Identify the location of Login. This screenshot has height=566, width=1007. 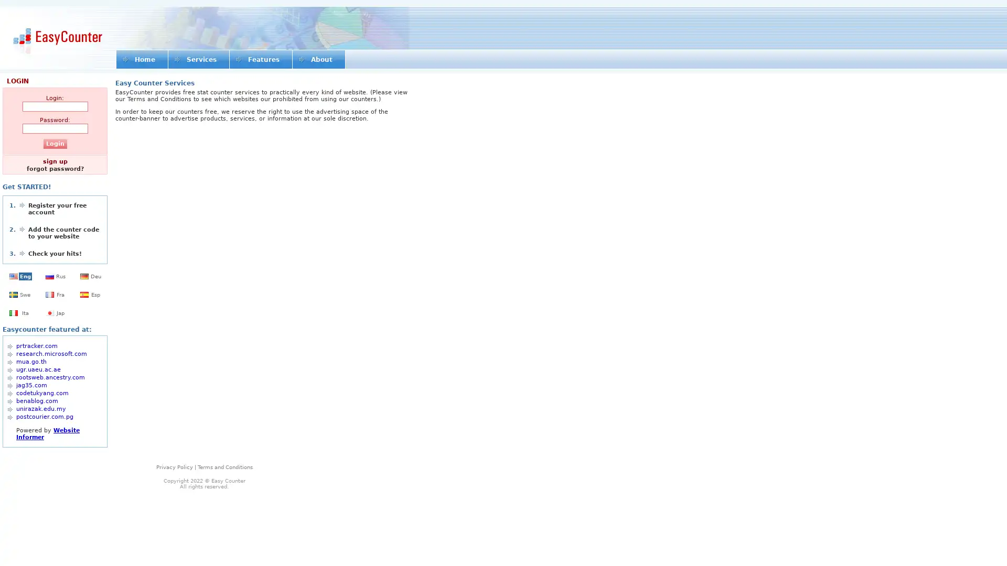
(54, 144).